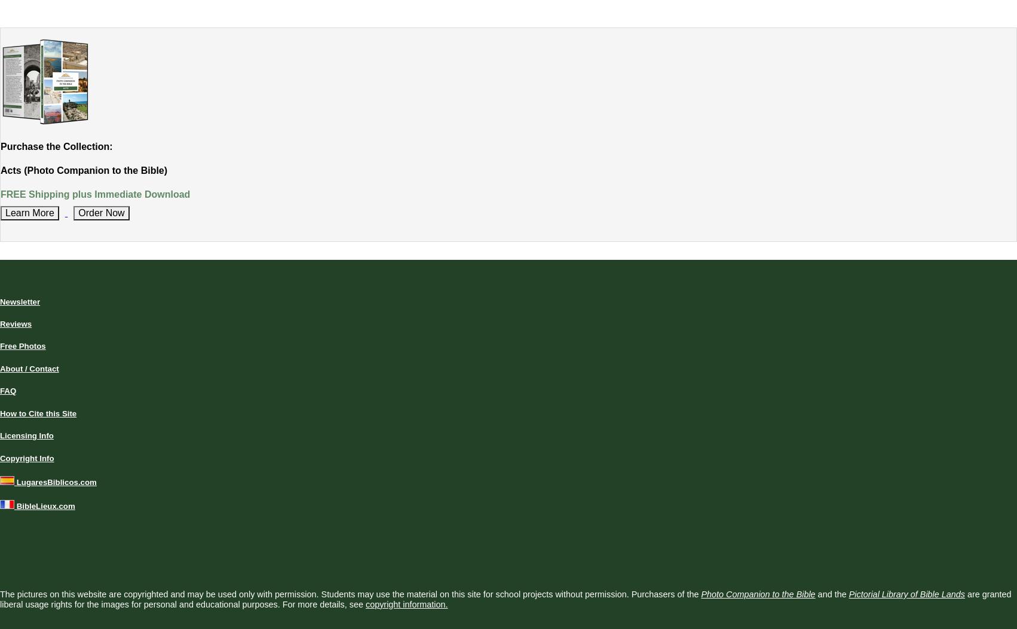 This screenshot has width=1017, height=629. Describe the element at coordinates (38, 413) in the screenshot. I see `'How to Cite this Site'` at that location.